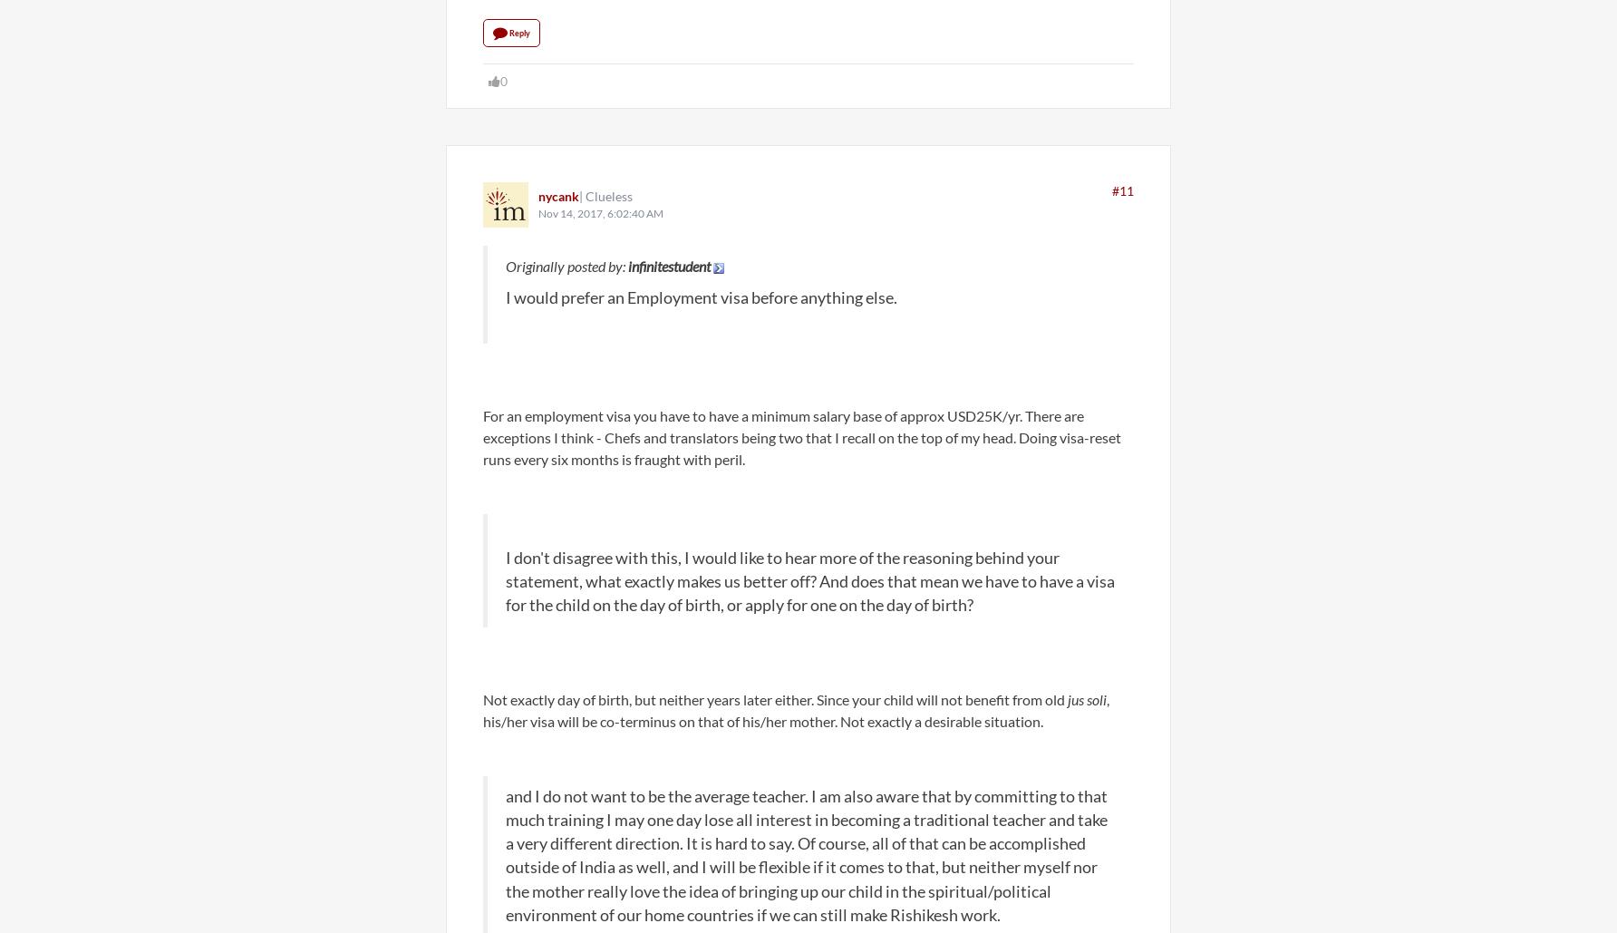  What do you see at coordinates (774, 698) in the screenshot?
I see `'Not exactly day of birth, but neither years later either. Since your child will not benefit from old'` at bounding box center [774, 698].